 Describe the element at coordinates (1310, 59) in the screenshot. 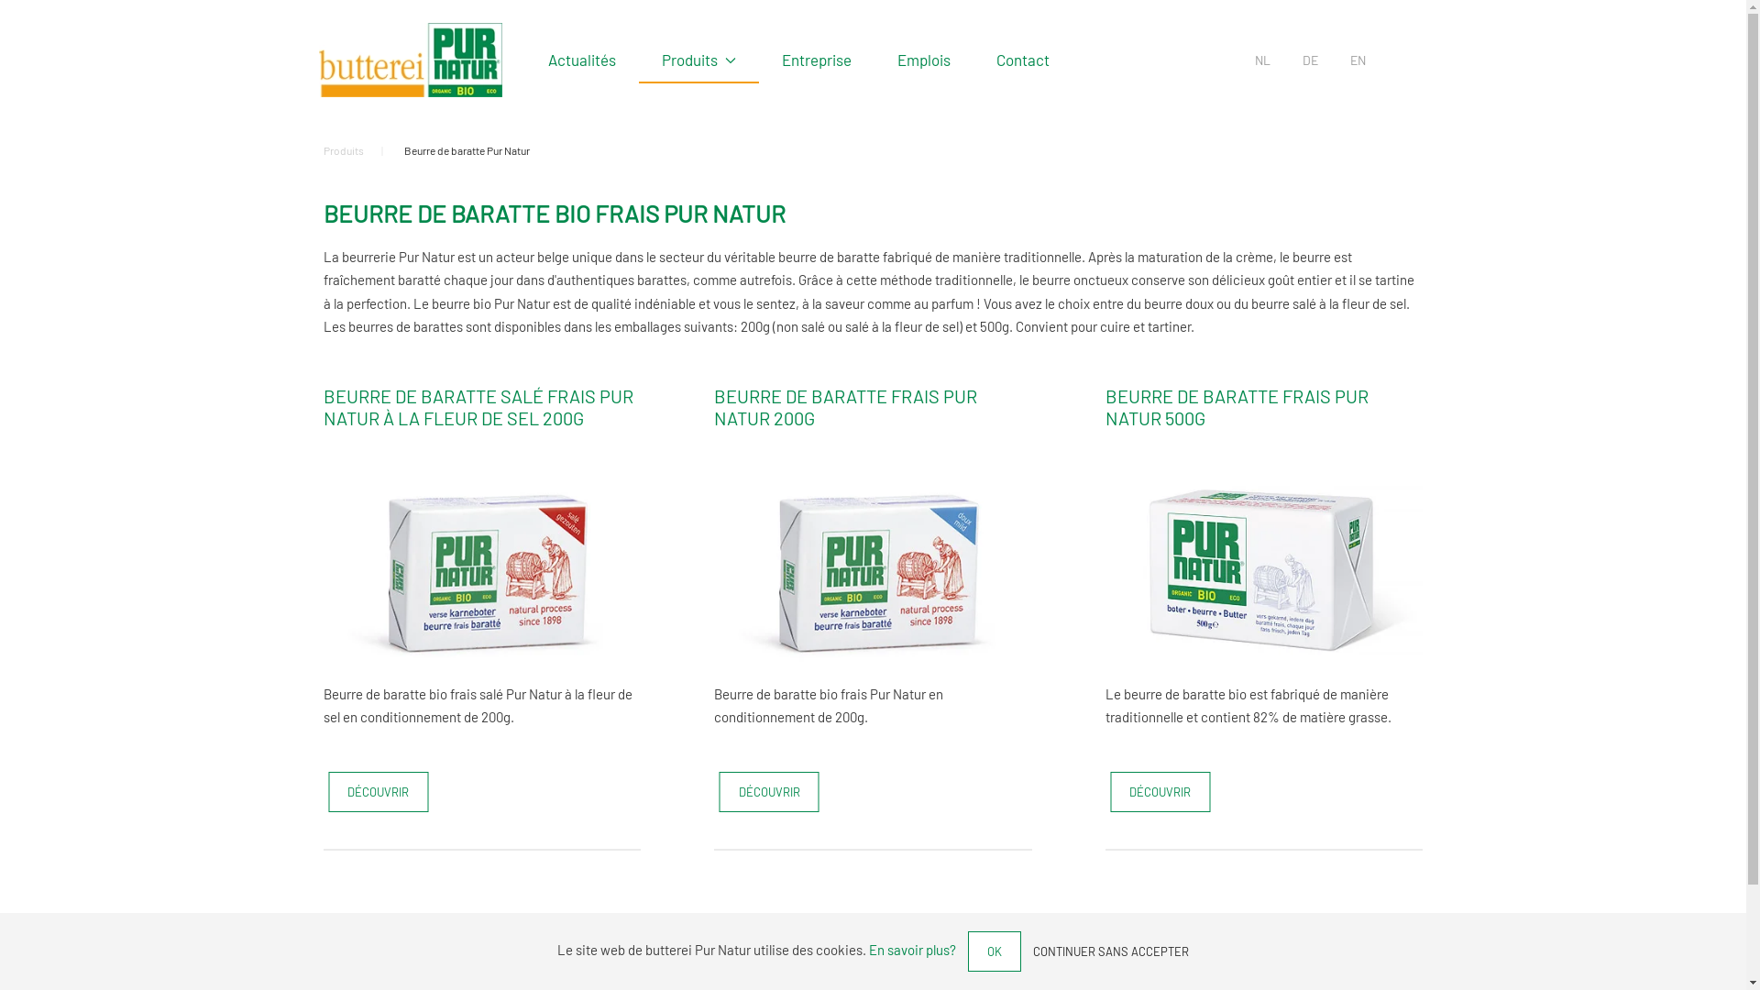

I see `'DE'` at that location.